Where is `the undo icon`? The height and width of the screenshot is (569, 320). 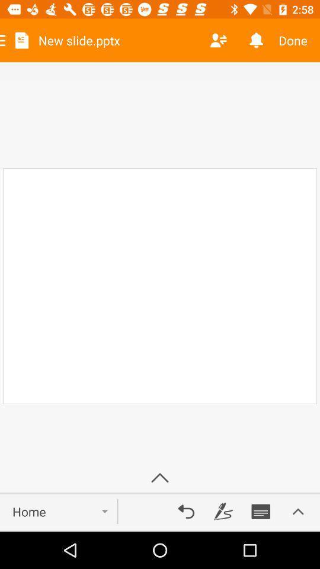 the undo icon is located at coordinates (186, 511).